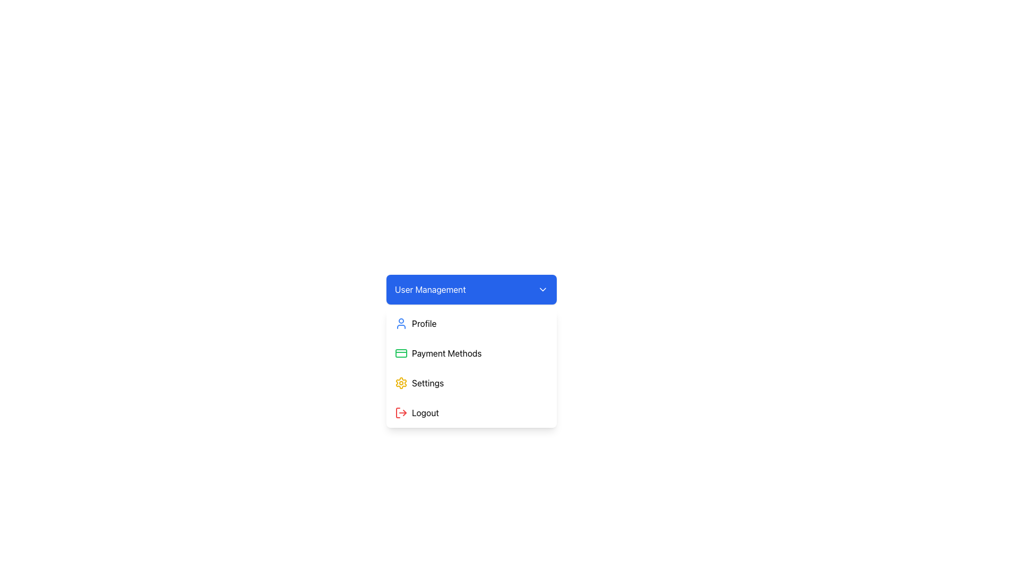  What do you see at coordinates (425, 412) in the screenshot?
I see `the 'Logout' text label in the User Management dropdown menu` at bounding box center [425, 412].